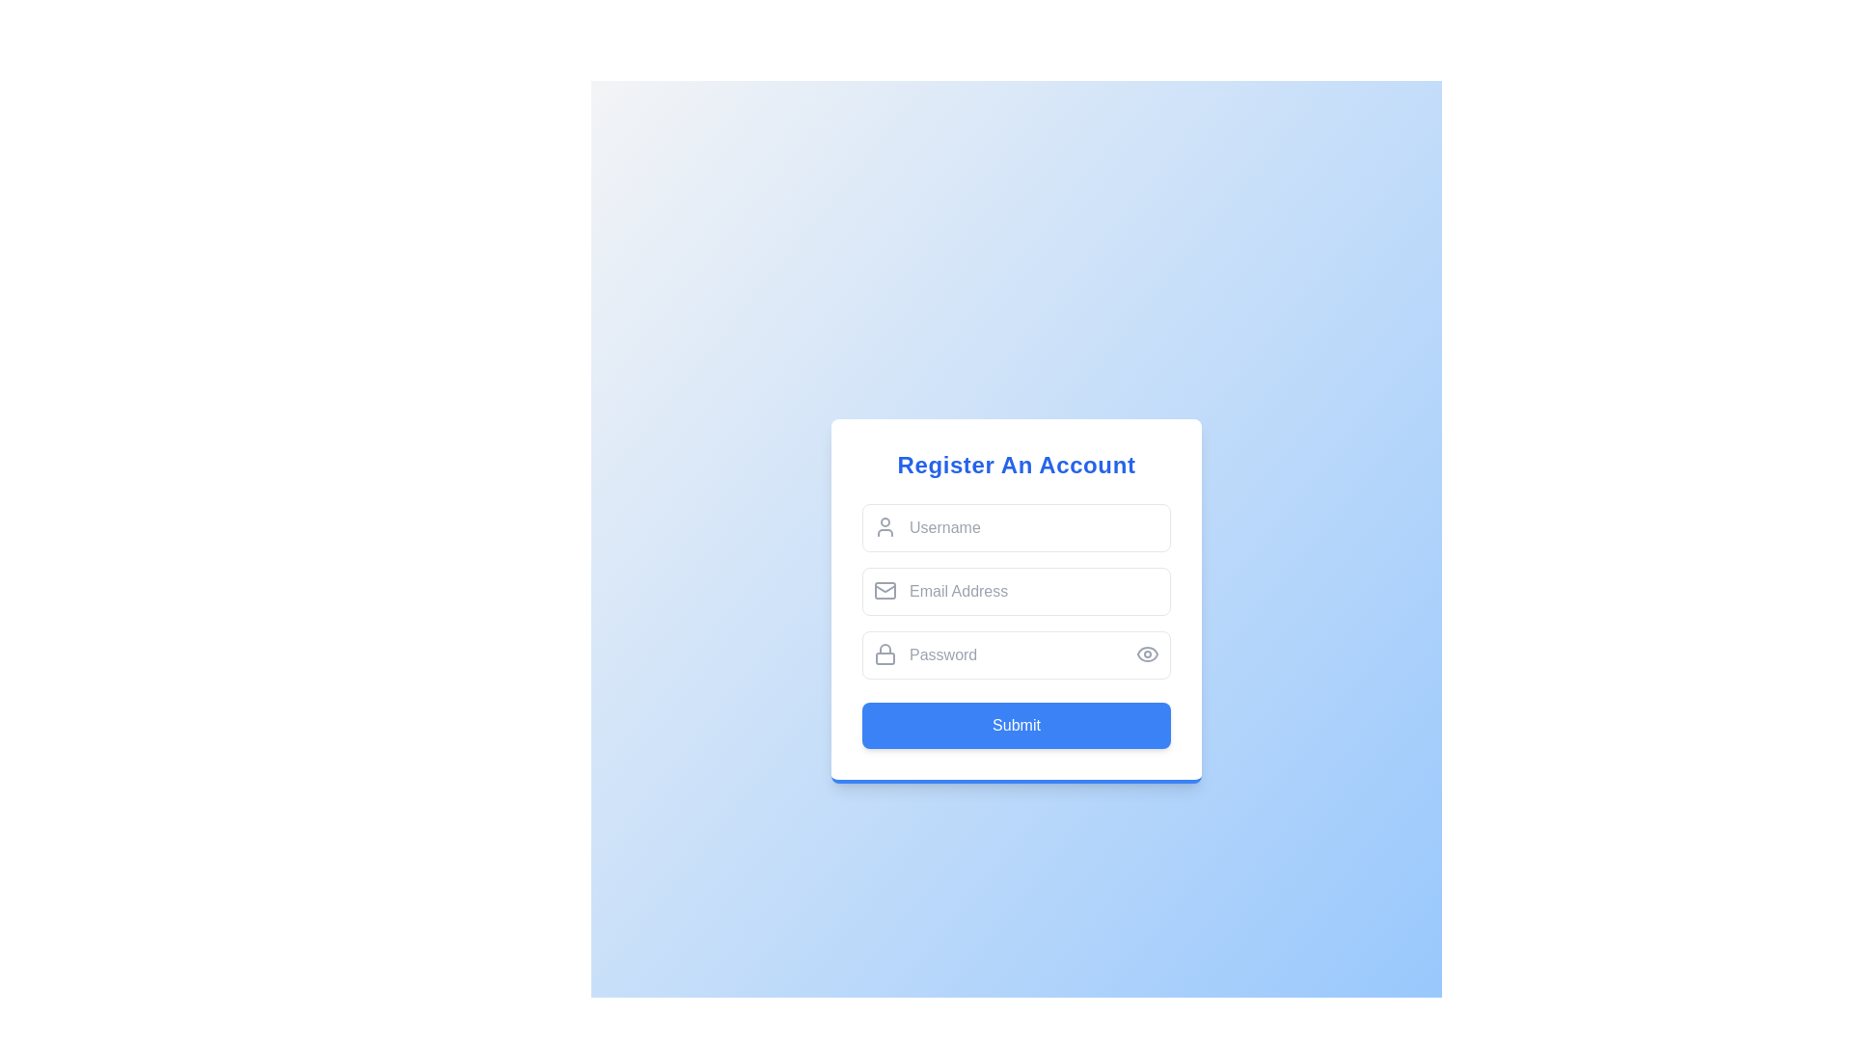  What do you see at coordinates (884, 653) in the screenshot?
I see `the gray lock icon that is positioned at the beginning of the password input field, serving as an indicator for the field's purpose` at bounding box center [884, 653].